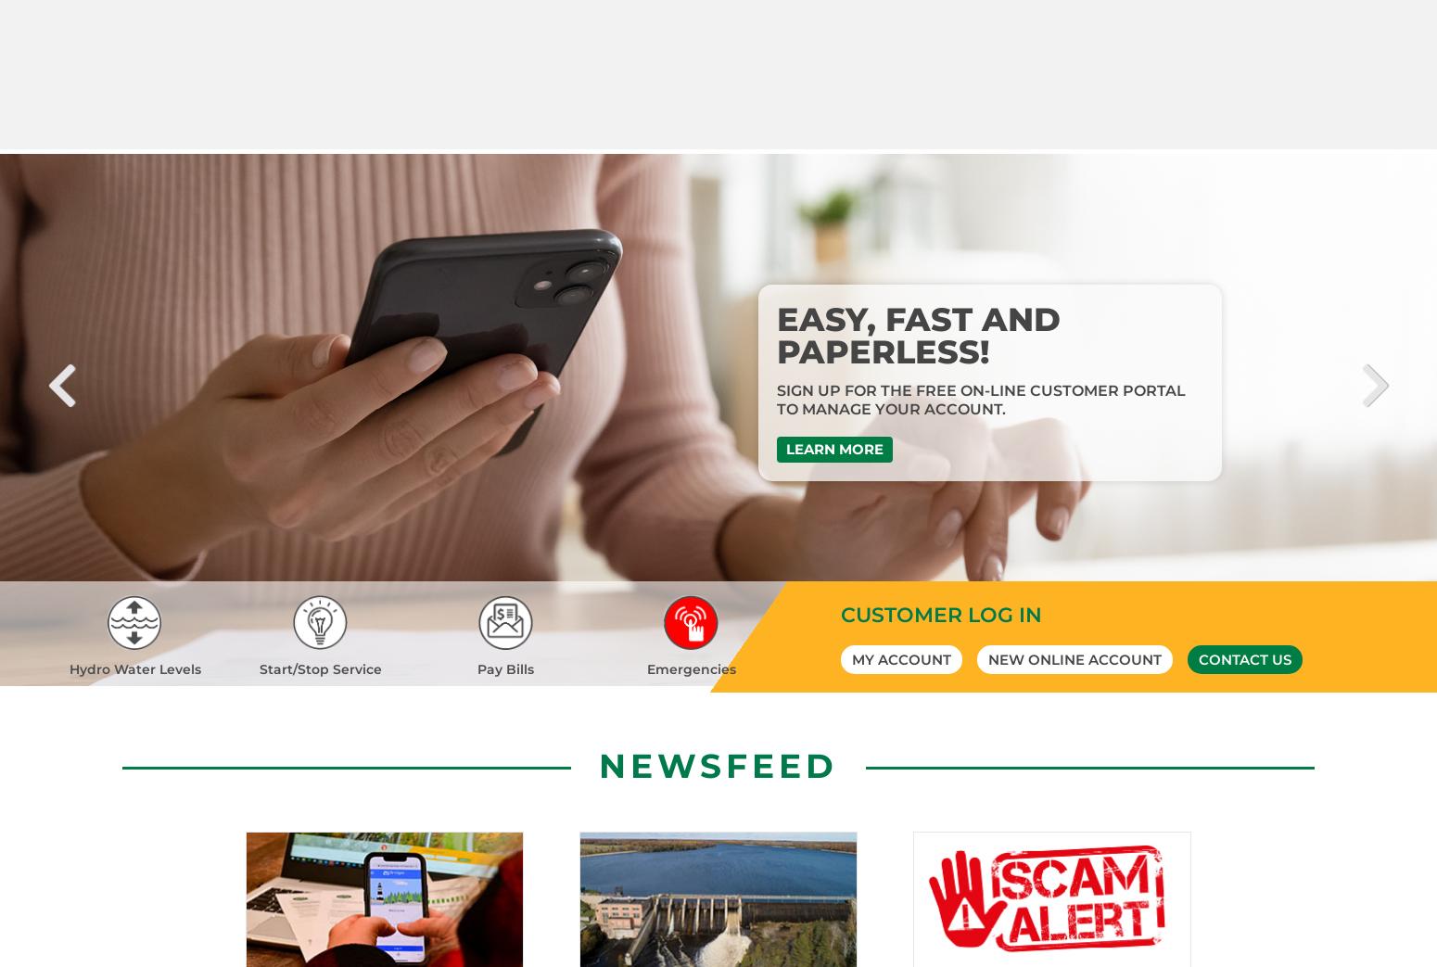 The height and width of the screenshot is (967, 1437). What do you see at coordinates (991, 116) in the screenshot?
I see `'Choosing Renewable Energy'` at bounding box center [991, 116].